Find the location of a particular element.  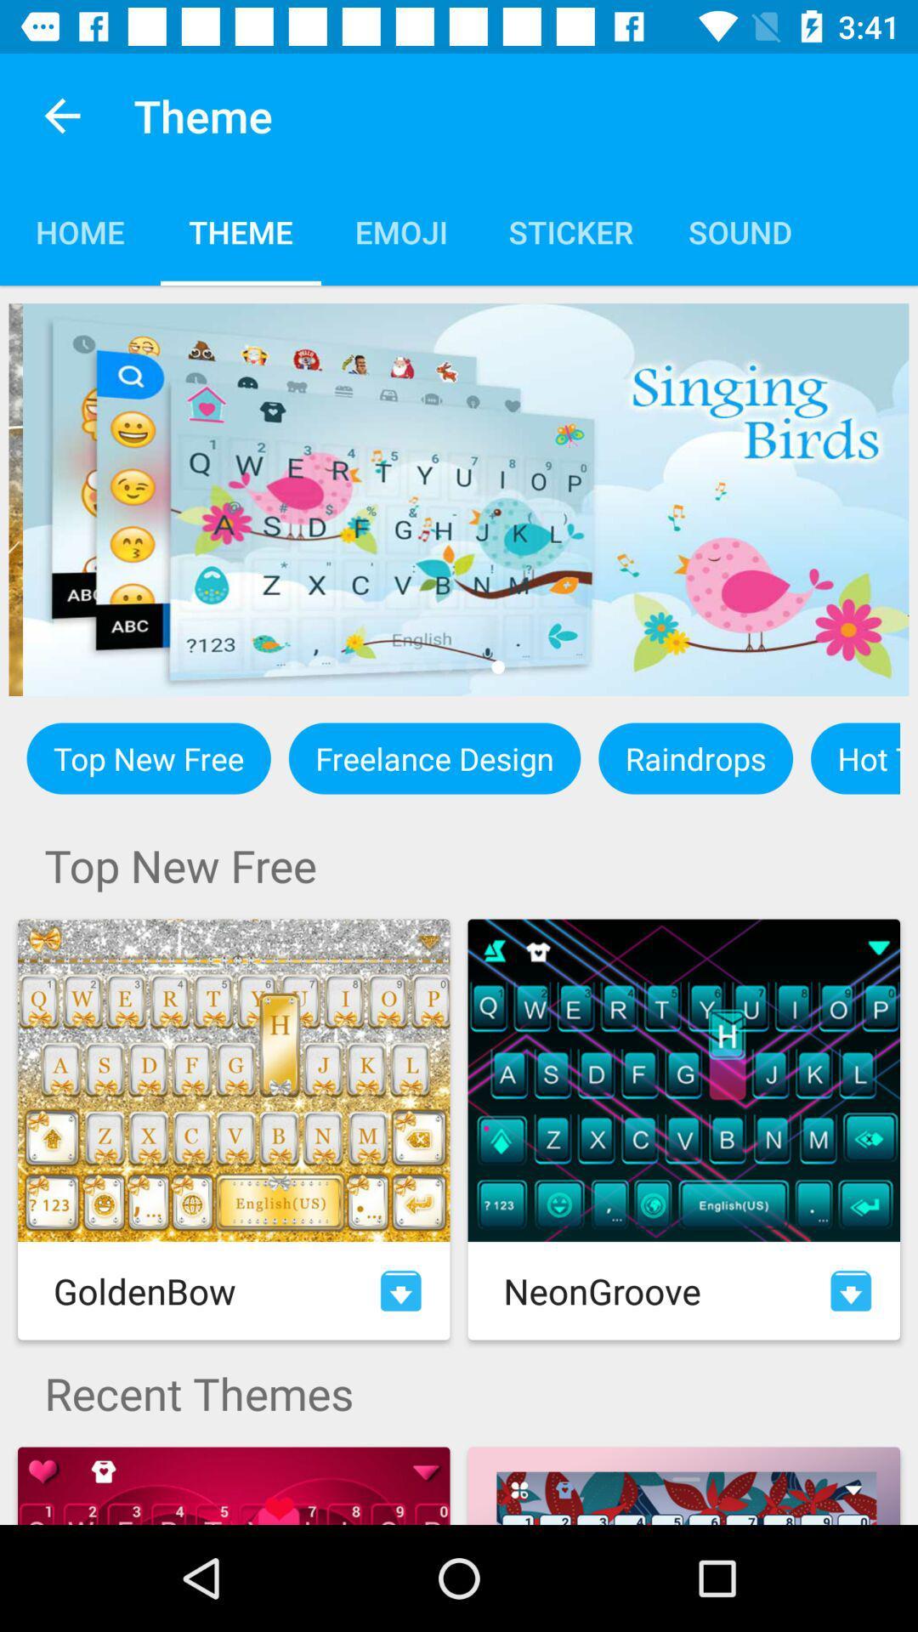

click on singing birds is located at coordinates (459, 499).